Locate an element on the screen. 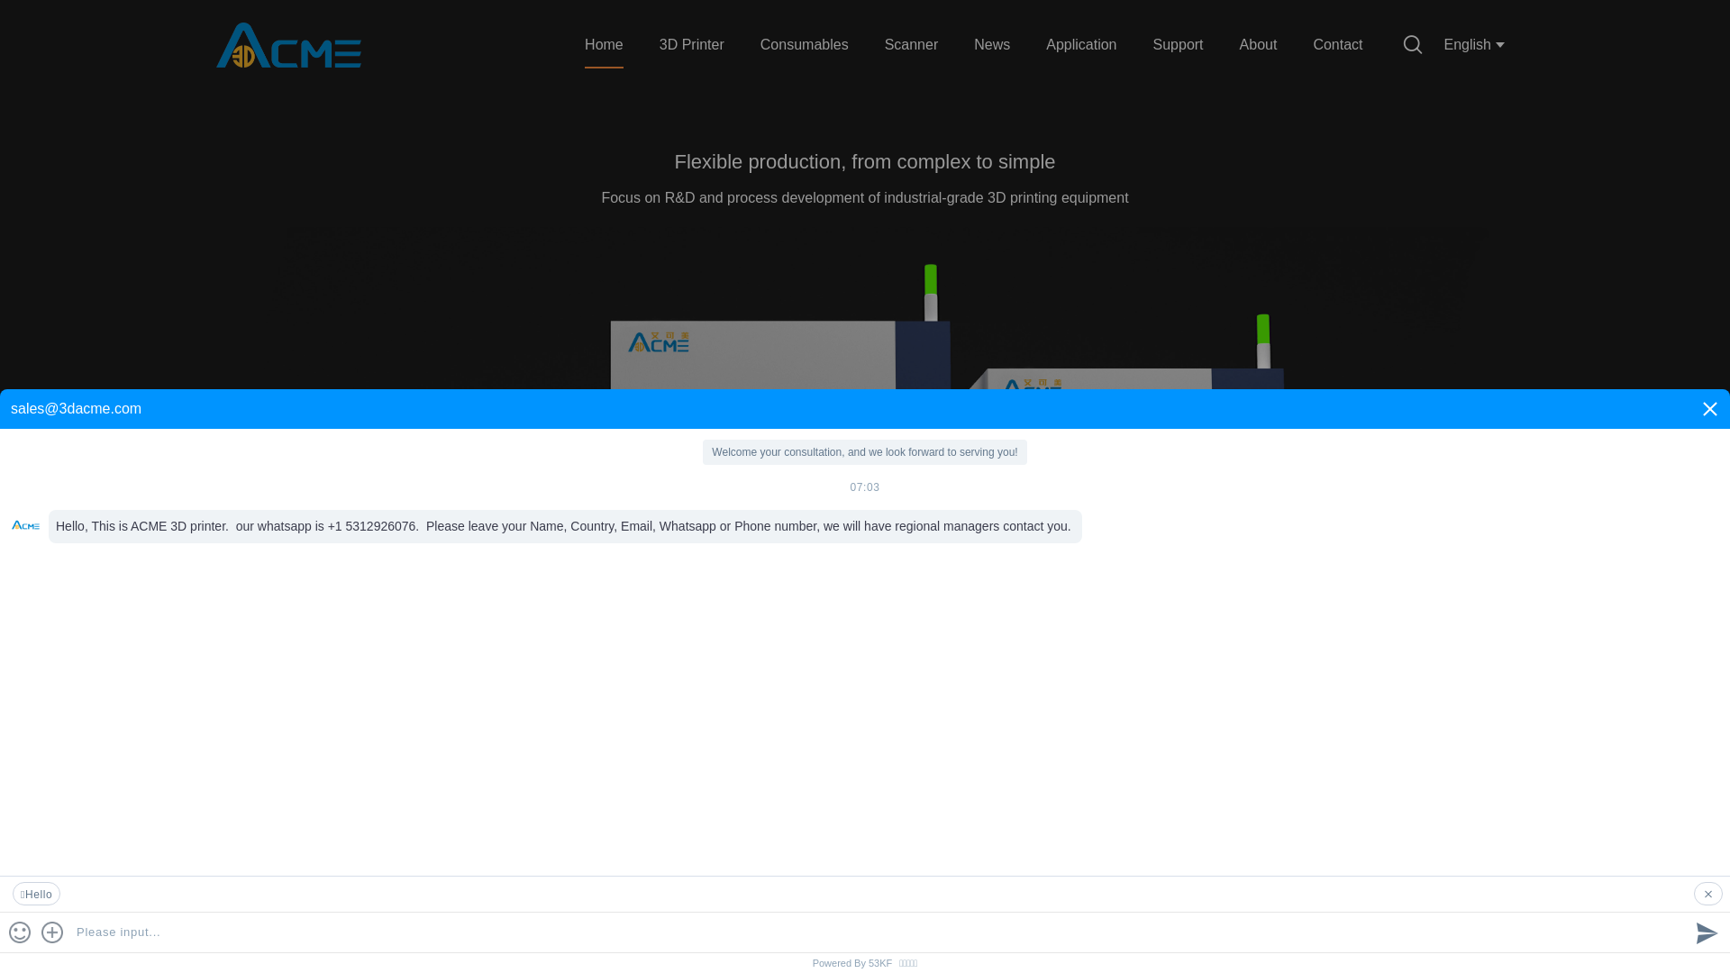 This screenshot has height=973, width=1730. 'News' is located at coordinates (990, 44).